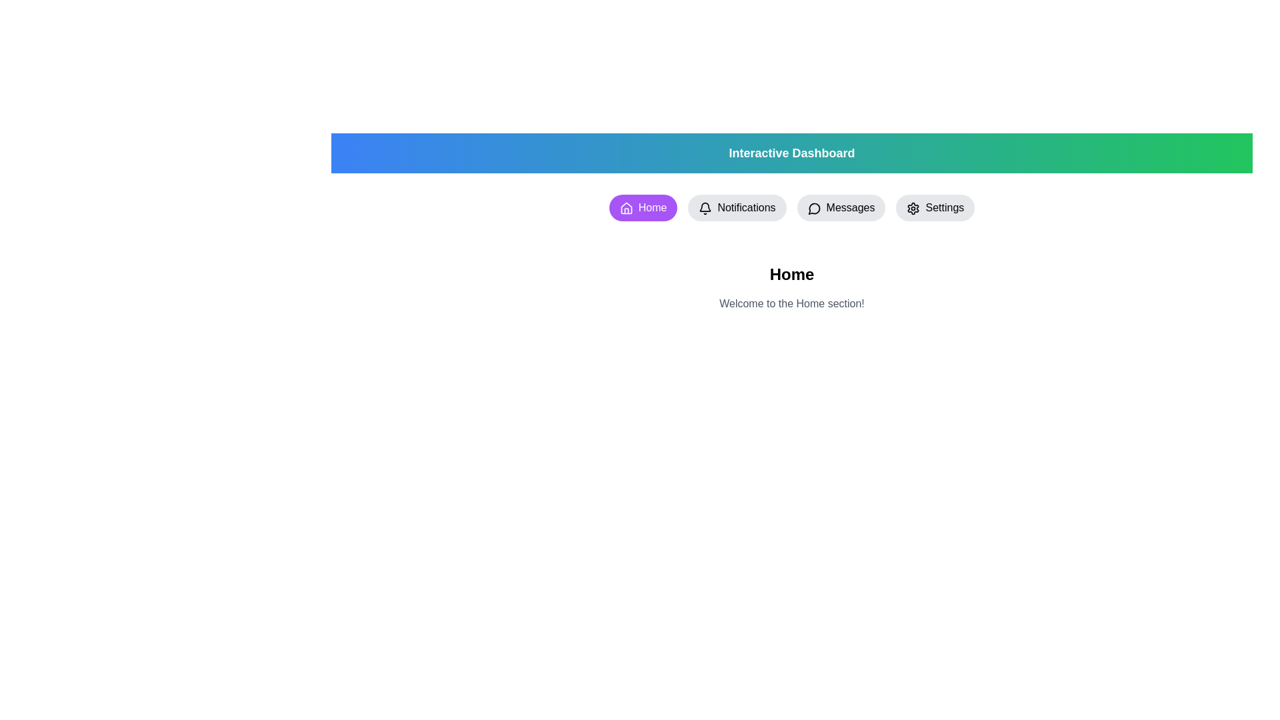  Describe the element at coordinates (735, 208) in the screenshot. I see `the tab labeled Notifications to display its content` at that location.